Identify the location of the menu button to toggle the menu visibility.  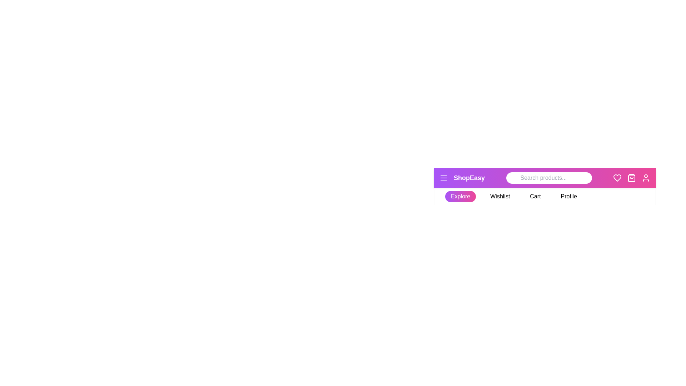
(443, 177).